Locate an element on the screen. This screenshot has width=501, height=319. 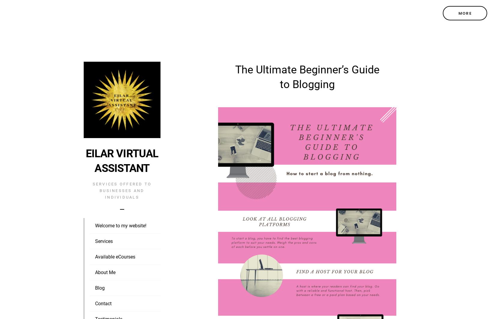
'Welcome to my website!' is located at coordinates (94, 226).